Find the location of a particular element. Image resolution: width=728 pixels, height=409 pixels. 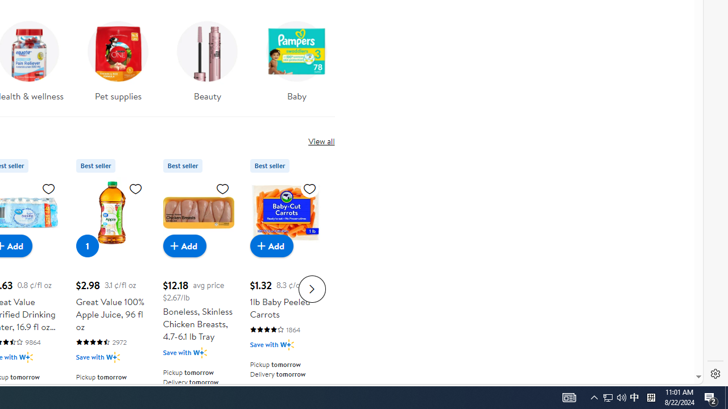

'Baby' is located at coordinates (297, 65).